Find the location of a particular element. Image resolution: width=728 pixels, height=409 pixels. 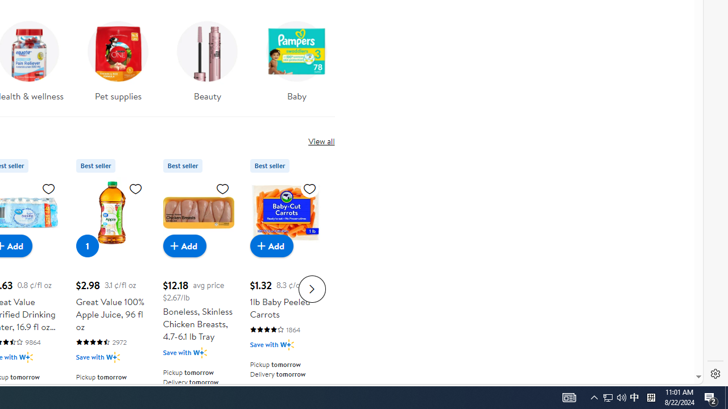

'Baby' is located at coordinates (297, 65).